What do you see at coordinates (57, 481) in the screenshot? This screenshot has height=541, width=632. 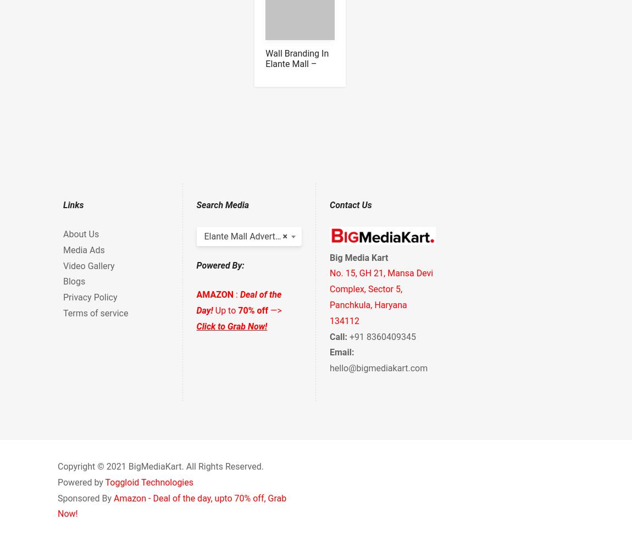 I see `'Powered by'` at bounding box center [57, 481].